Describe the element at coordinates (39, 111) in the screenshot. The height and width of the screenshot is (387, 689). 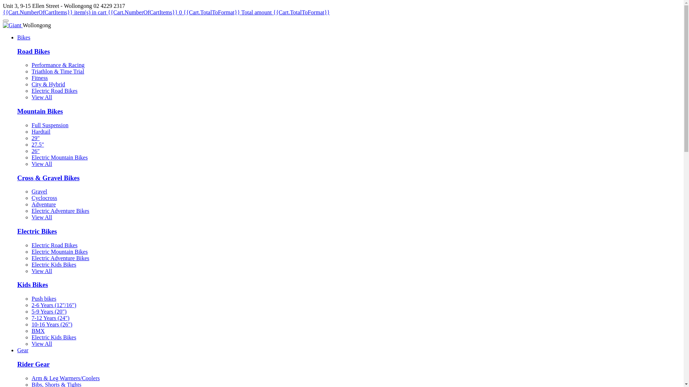
I see `'Mountain Bikes'` at that location.